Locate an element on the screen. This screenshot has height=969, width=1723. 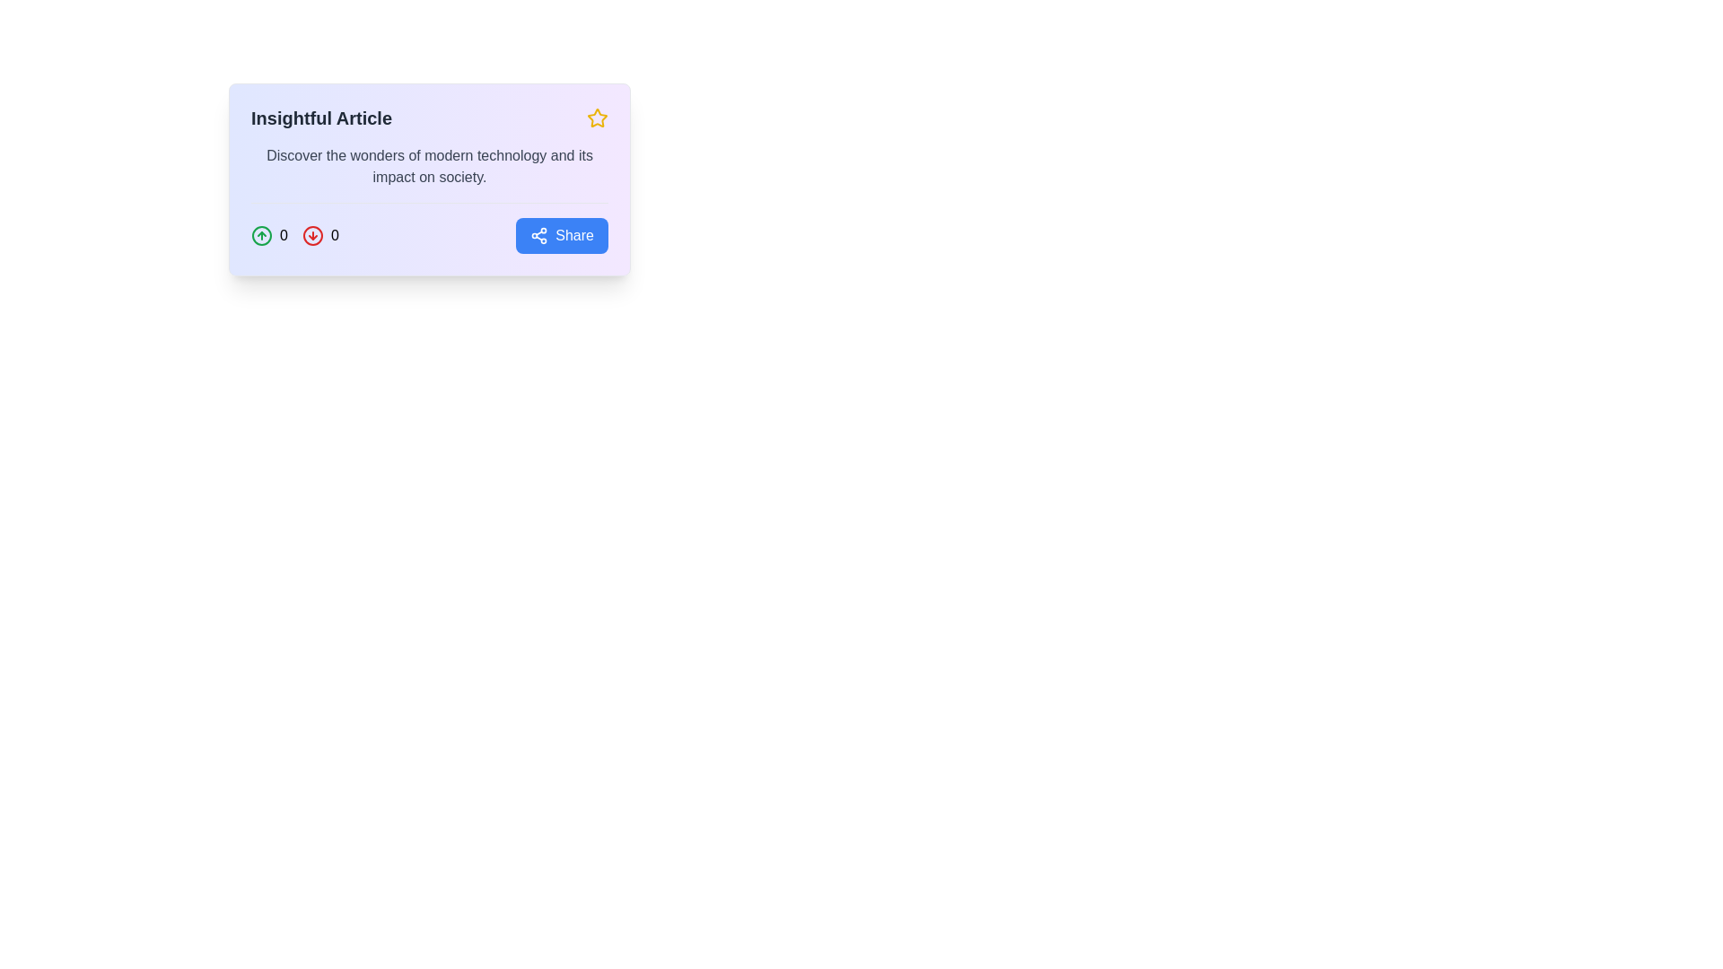
the bold static text label saying 'Insightful Article' located at the top-left section of the rectangular card with a light purple background is located at coordinates (321, 118).